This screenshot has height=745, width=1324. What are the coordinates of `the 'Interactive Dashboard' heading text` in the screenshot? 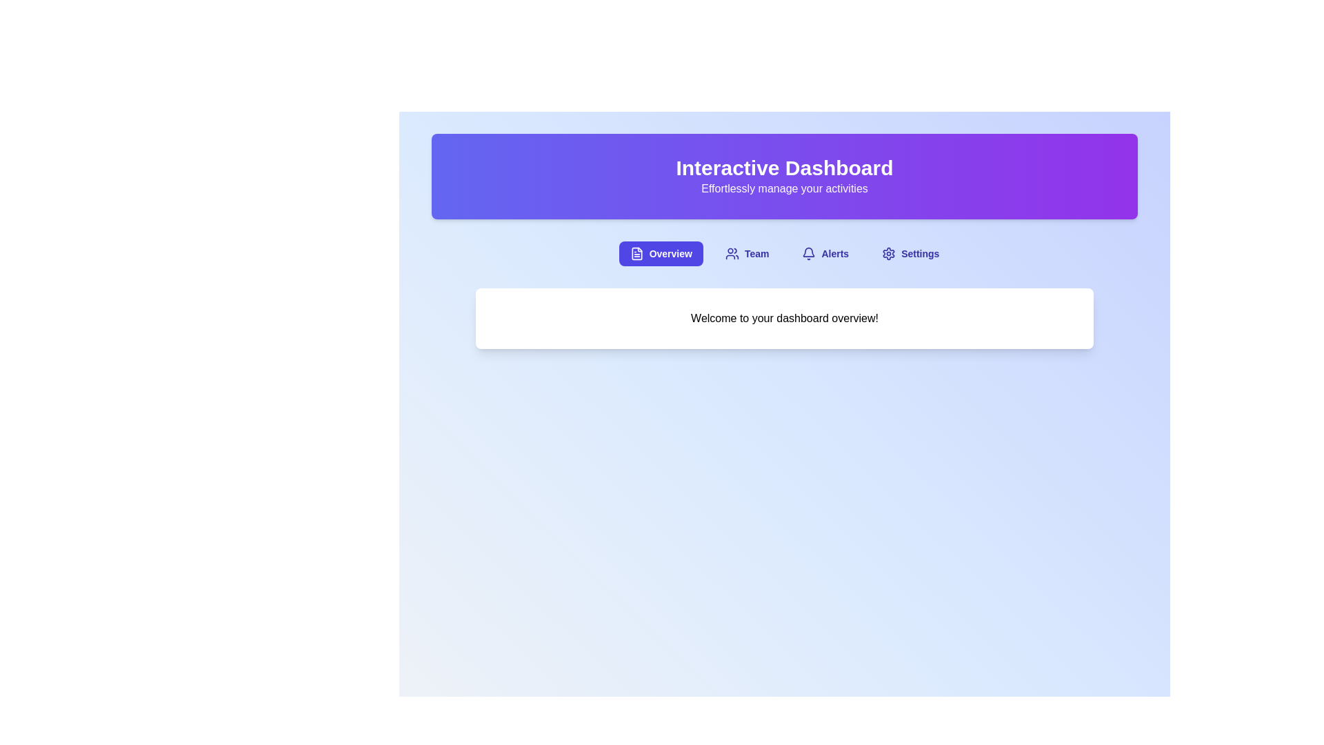 It's located at (784, 167).